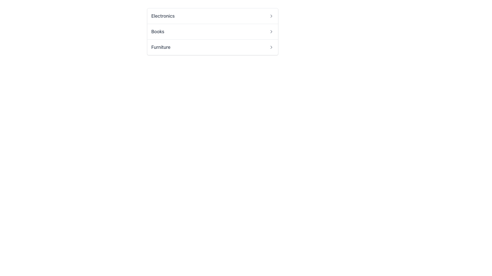 The image size is (492, 276). Describe the element at coordinates (212, 16) in the screenshot. I see `the 'Electronics' category button using keyboard navigation` at that location.